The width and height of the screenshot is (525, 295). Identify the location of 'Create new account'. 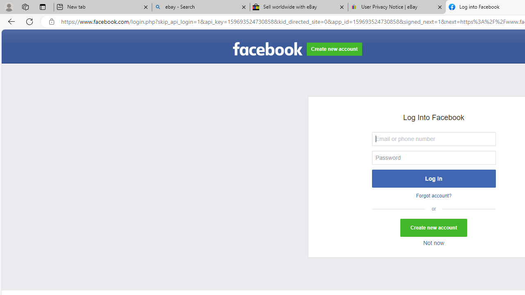
(433, 228).